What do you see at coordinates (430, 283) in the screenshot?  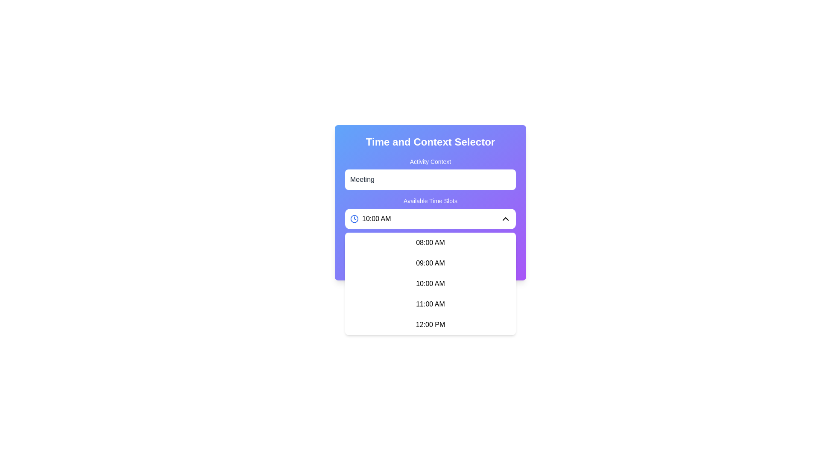 I see `the dropdown menu containing selectable options for time slots, which is styled as a white, rounded-rectangle box located below the 'Available Time Slots' label` at bounding box center [430, 283].